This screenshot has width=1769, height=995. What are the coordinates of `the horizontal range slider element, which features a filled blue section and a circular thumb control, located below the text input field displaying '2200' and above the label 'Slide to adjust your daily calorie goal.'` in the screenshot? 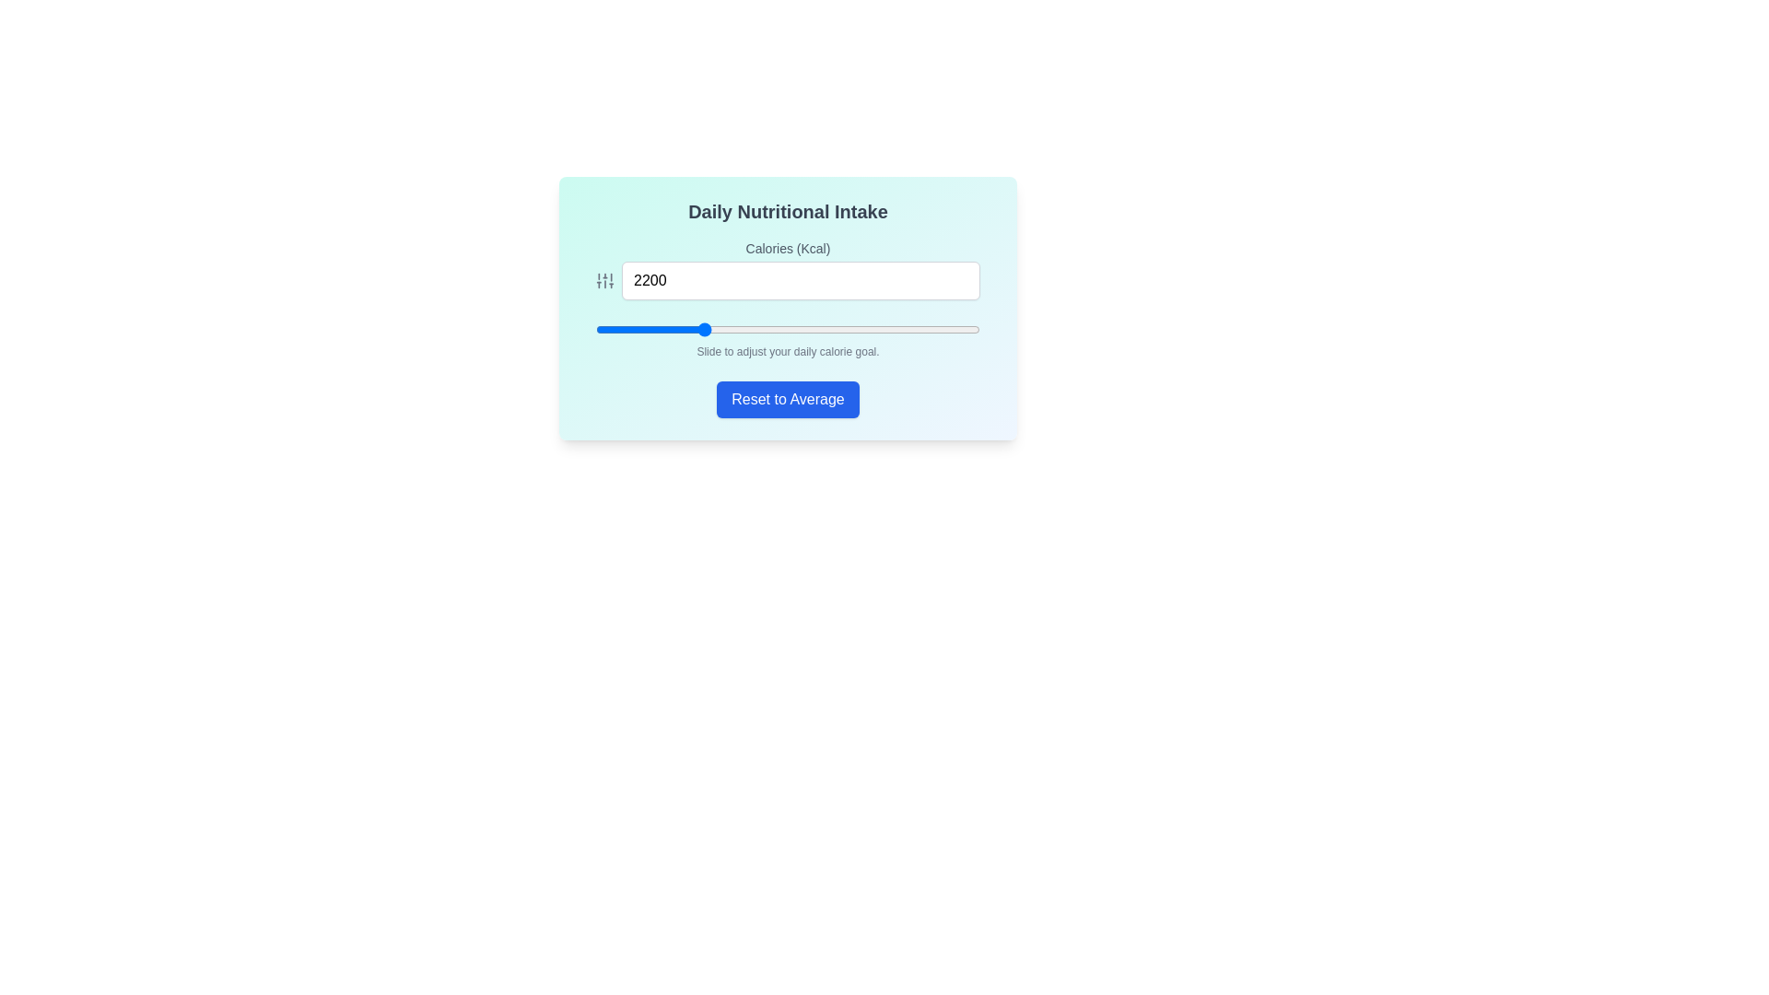 It's located at (788, 329).